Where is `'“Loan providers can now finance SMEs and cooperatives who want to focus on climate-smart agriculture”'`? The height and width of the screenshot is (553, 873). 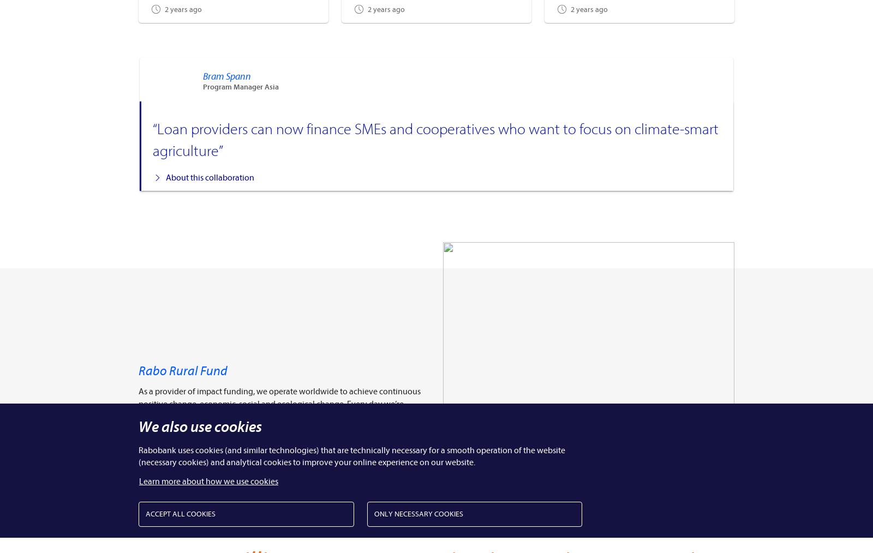 '“Loan providers can now finance SMEs and cooperatives who want to focus on climate-smart agriculture”' is located at coordinates (435, 140).